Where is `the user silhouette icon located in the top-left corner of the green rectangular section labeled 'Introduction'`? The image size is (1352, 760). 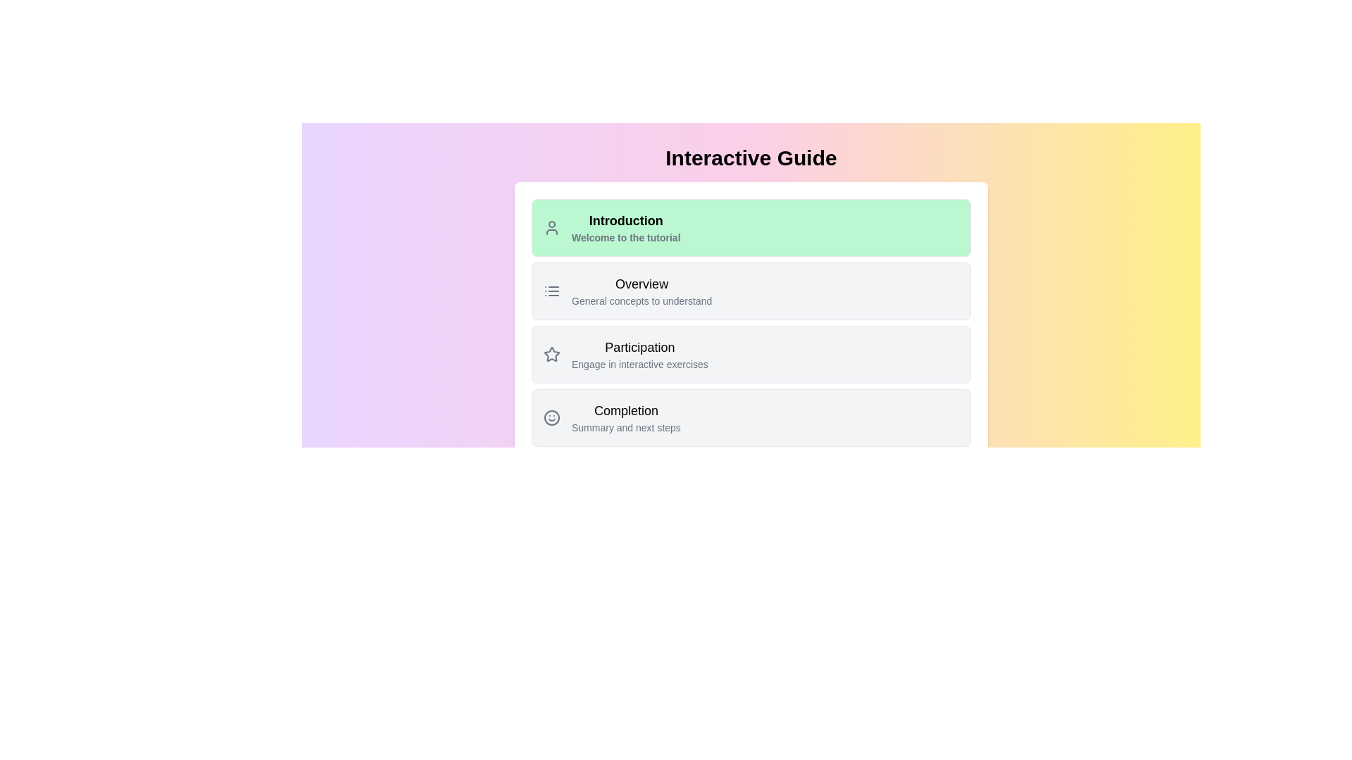
the user silhouette icon located in the top-left corner of the green rectangular section labeled 'Introduction' is located at coordinates (551, 227).